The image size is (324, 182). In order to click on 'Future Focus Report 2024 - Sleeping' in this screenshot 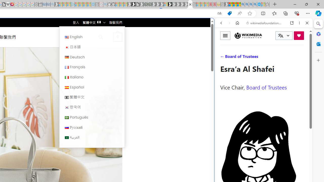, I will do `click(149, 4)`.